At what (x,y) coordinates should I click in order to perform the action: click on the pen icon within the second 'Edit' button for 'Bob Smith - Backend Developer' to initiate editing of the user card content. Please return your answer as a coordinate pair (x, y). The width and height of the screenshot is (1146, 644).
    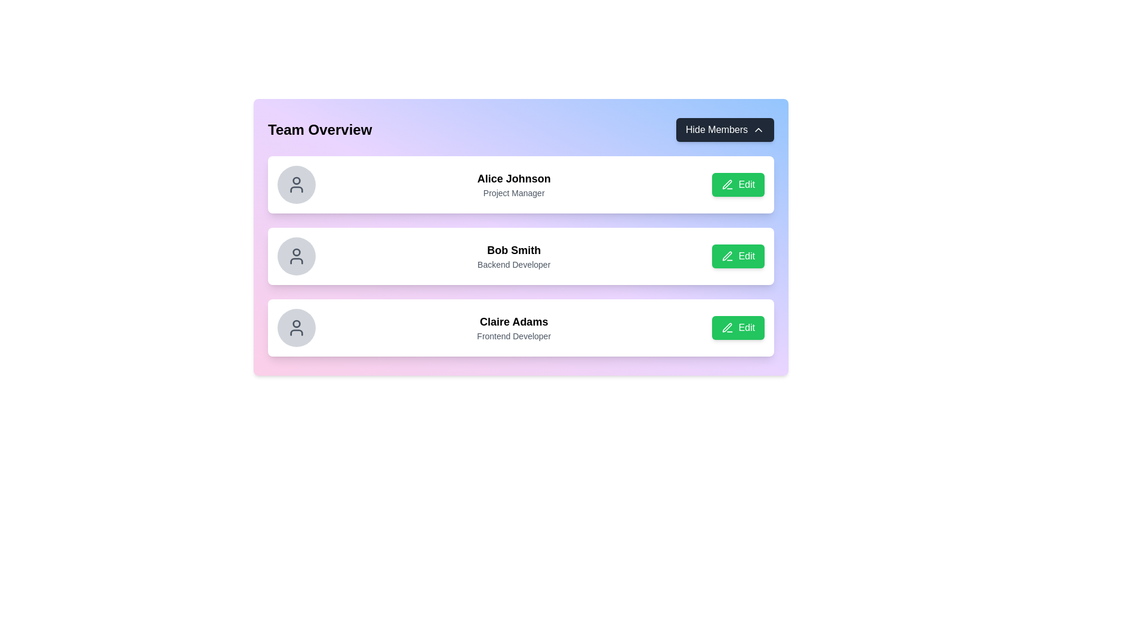
    Looking at the image, I should click on (727, 255).